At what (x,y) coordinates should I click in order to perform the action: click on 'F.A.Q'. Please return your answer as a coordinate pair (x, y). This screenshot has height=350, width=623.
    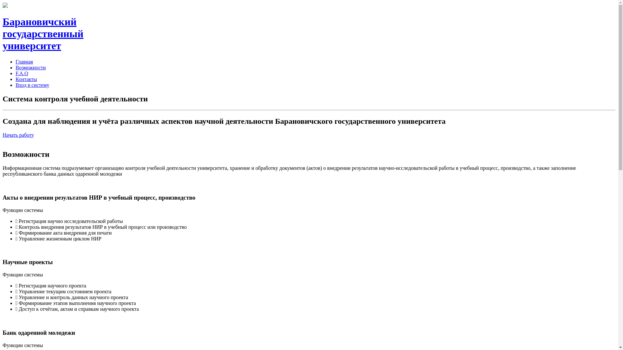
    Looking at the image, I should click on (22, 73).